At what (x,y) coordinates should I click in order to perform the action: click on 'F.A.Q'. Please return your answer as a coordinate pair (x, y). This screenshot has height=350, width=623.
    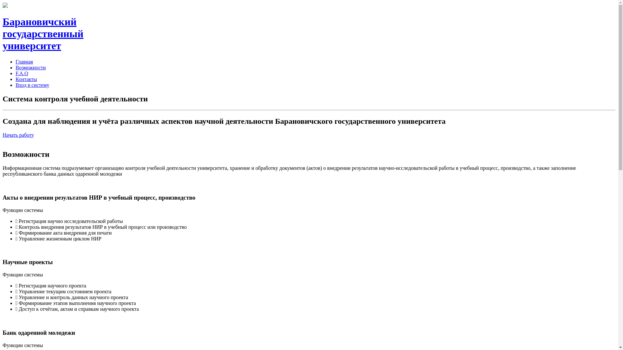
    Looking at the image, I should click on (22, 73).